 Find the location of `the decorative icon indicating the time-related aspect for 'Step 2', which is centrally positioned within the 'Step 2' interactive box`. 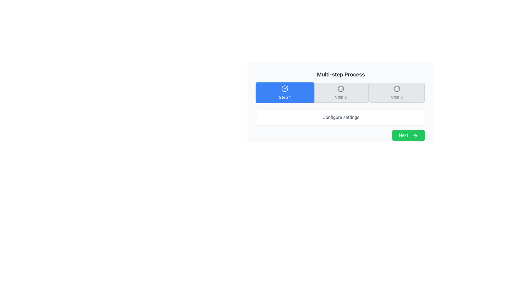

the decorative icon indicating the time-related aspect for 'Step 2', which is centrally positioned within the 'Step 2' interactive box is located at coordinates (340, 88).